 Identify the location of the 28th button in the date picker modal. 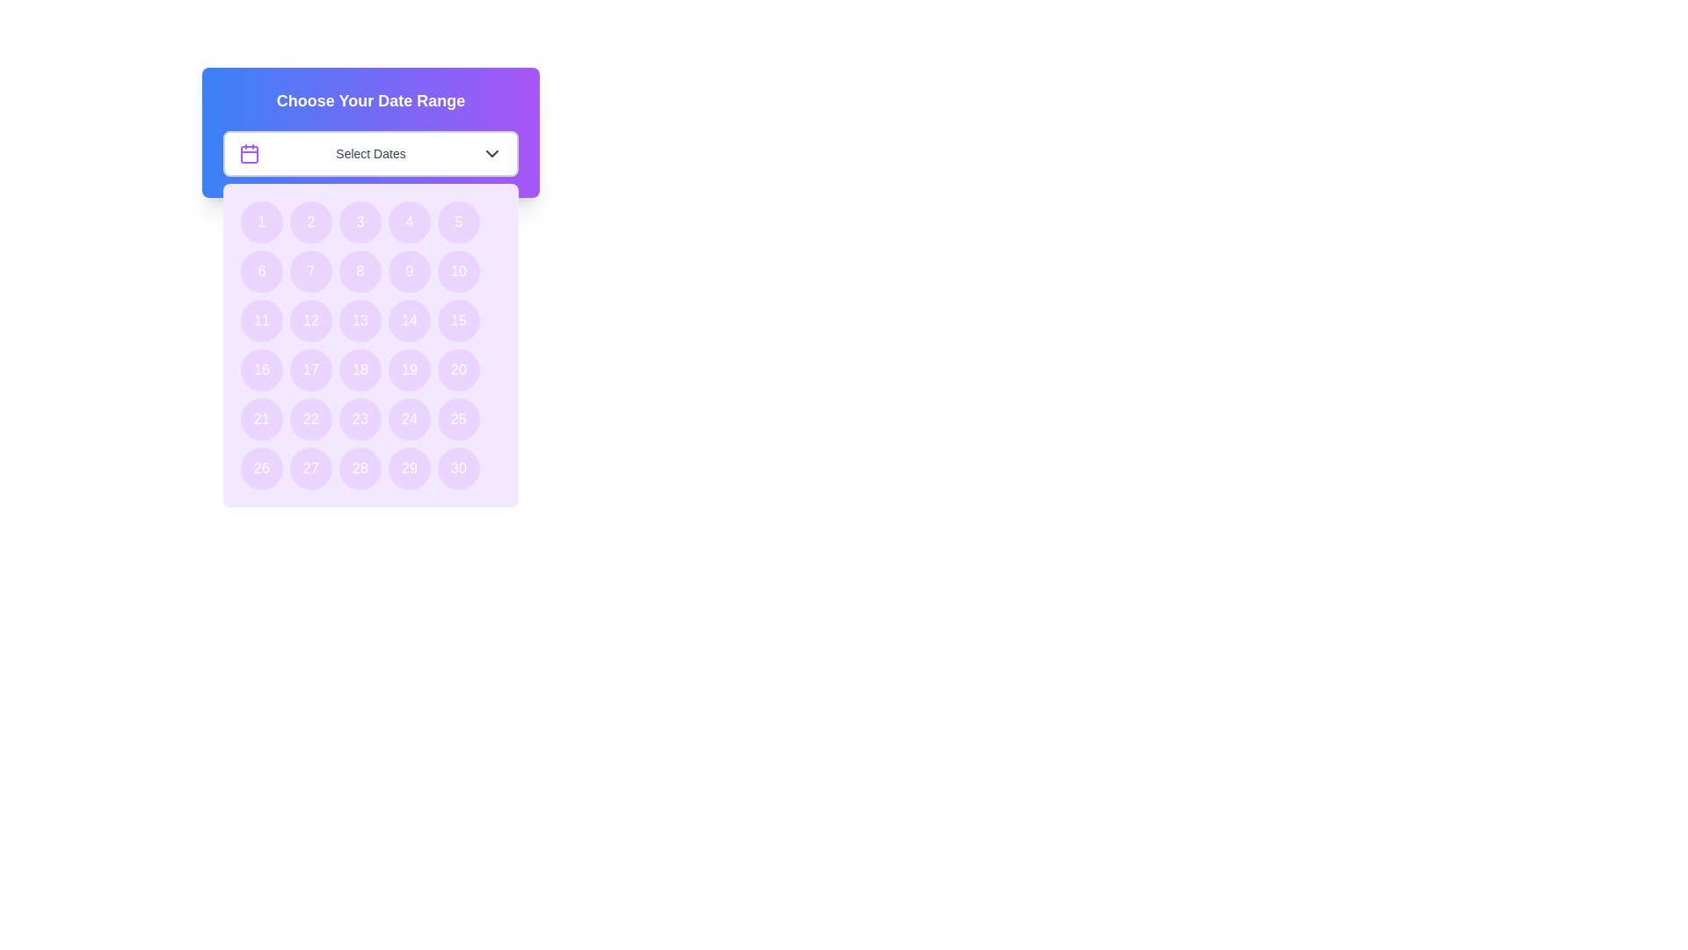
(359, 467).